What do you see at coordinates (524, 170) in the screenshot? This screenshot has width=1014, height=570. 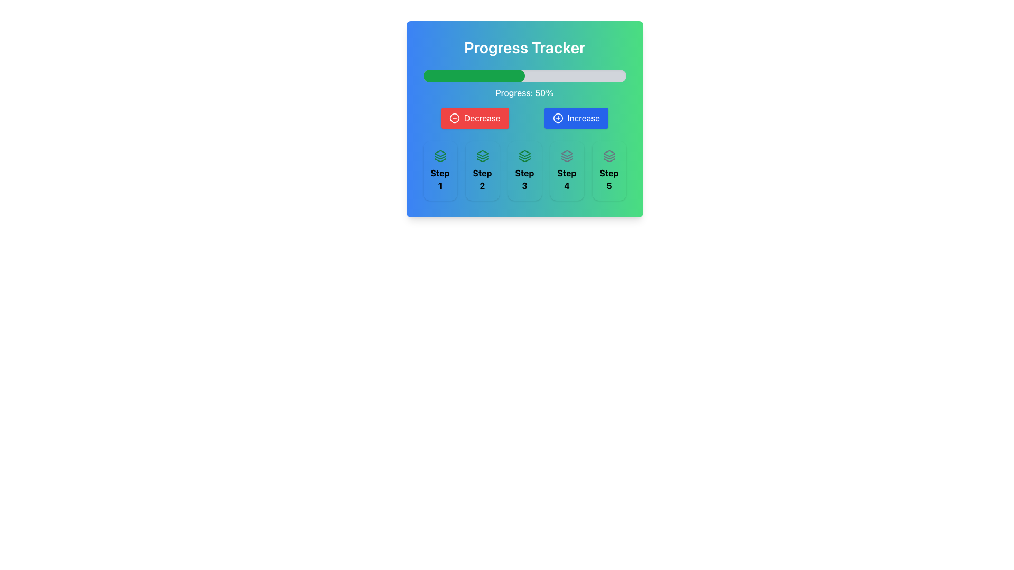 I see `the horizontal step indicator displaying the current active step (Step 3) in the Progress Tracker interface, located below the Decrease and Increase buttons` at bounding box center [524, 170].